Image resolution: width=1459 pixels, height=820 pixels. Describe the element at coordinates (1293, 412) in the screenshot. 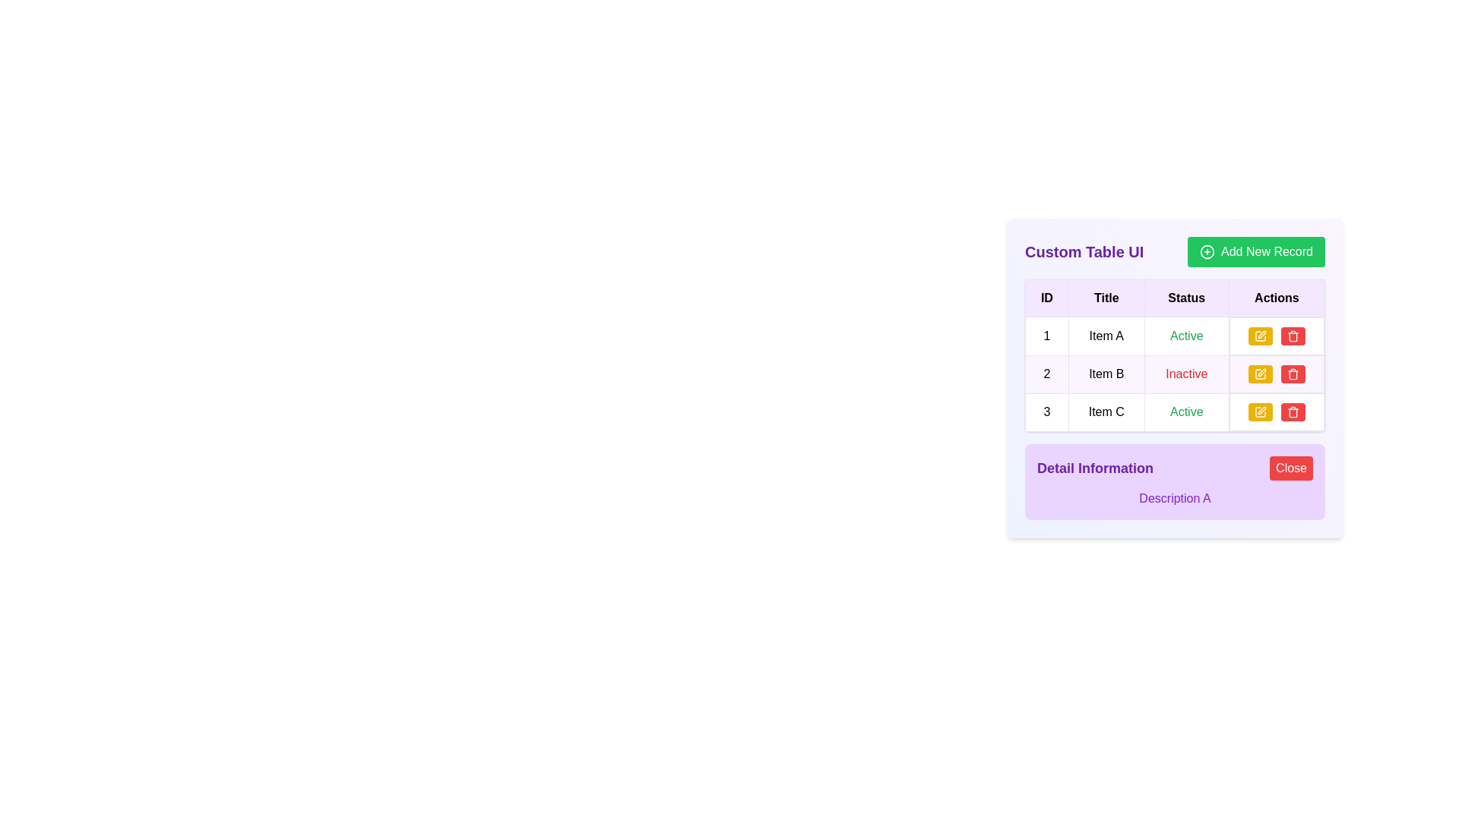

I see `the red trash bin icon located in the last column of the Actions section for 'Item C' to initiate a delete action` at that location.